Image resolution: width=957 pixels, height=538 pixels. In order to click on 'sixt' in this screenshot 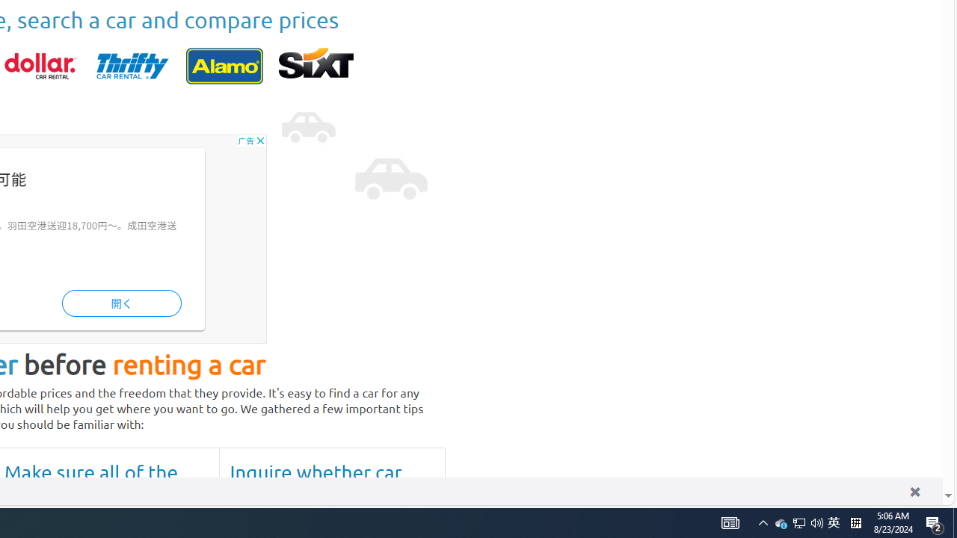, I will do `click(316, 65)`.